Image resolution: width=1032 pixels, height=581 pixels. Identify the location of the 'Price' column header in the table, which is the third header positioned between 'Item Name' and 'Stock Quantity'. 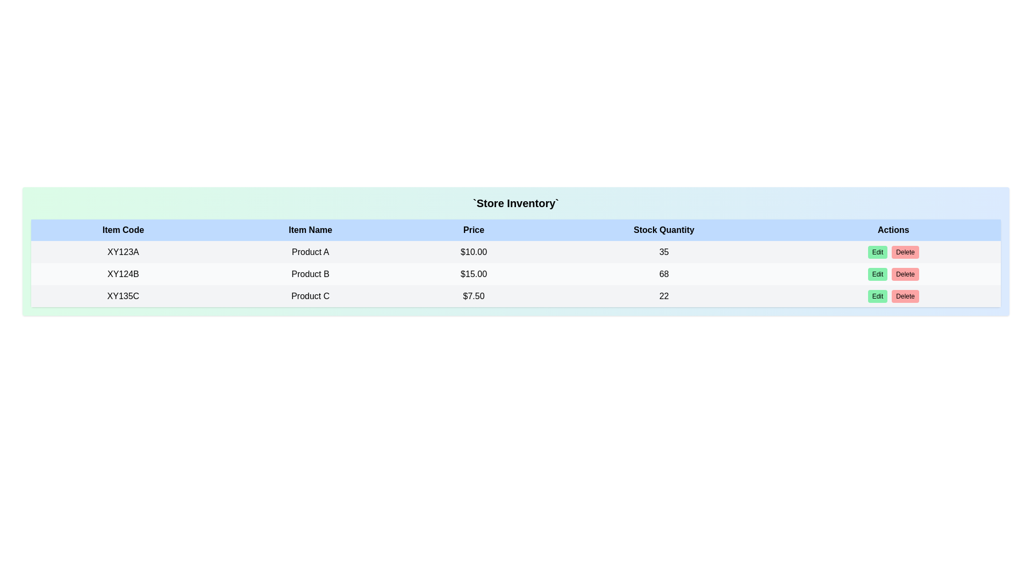
(473, 230).